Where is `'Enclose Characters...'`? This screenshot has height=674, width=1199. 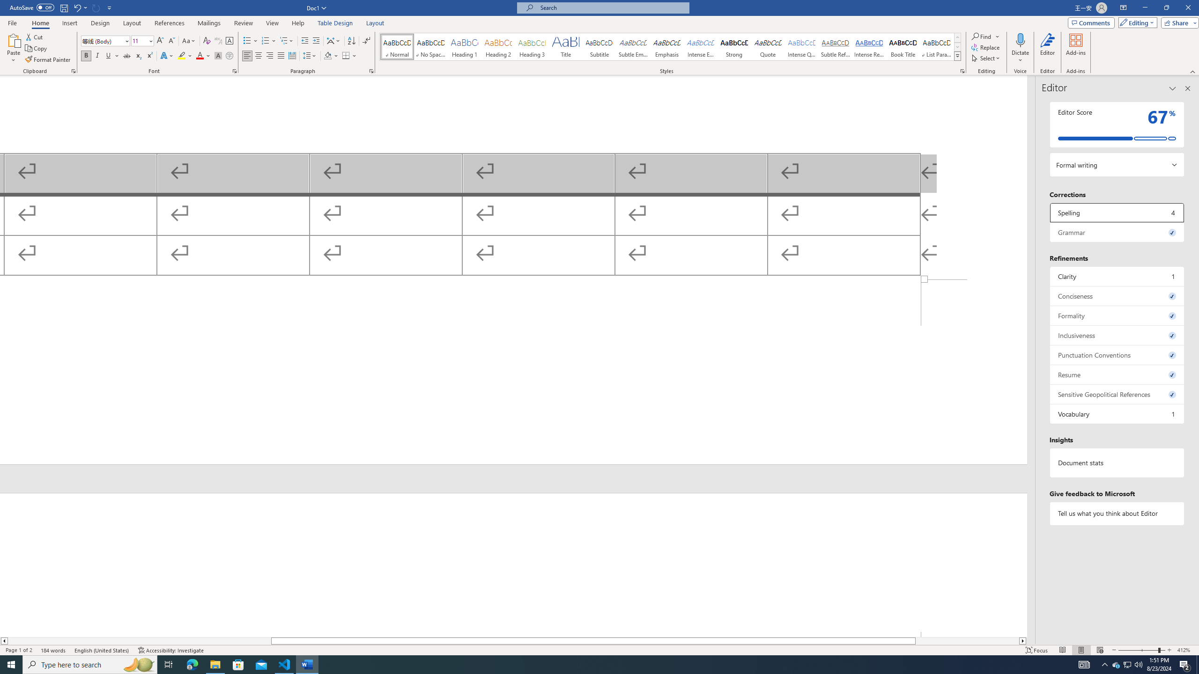 'Enclose Characters...' is located at coordinates (229, 55).